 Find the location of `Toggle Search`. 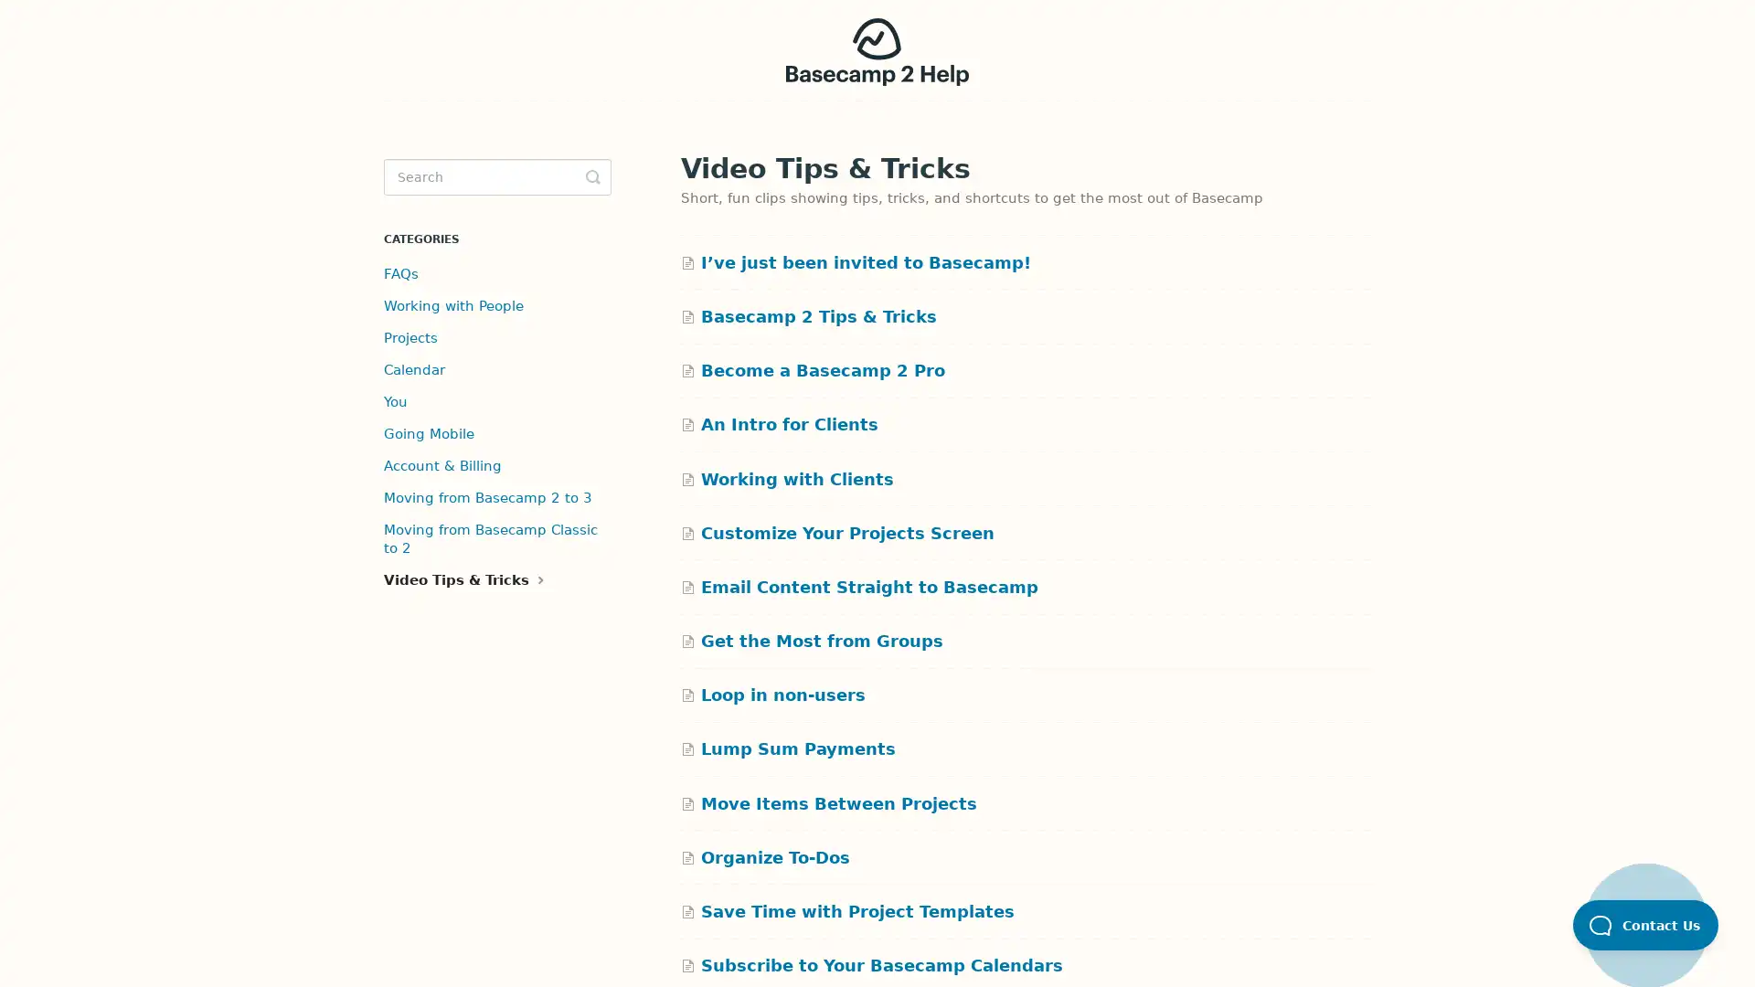

Toggle Search is located at coordinates (592, 176).